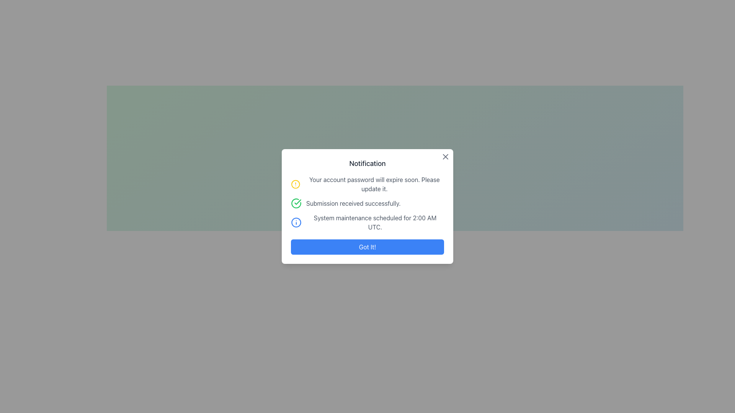 This screenshot has width=735, height=413. Describe the element at coordinates (367, 223) in the screenshot. I see `the notification message block displaying 'System maintenance scheduled for 2:00 AM UTC.' which is the third notification in the dialog` at that location.